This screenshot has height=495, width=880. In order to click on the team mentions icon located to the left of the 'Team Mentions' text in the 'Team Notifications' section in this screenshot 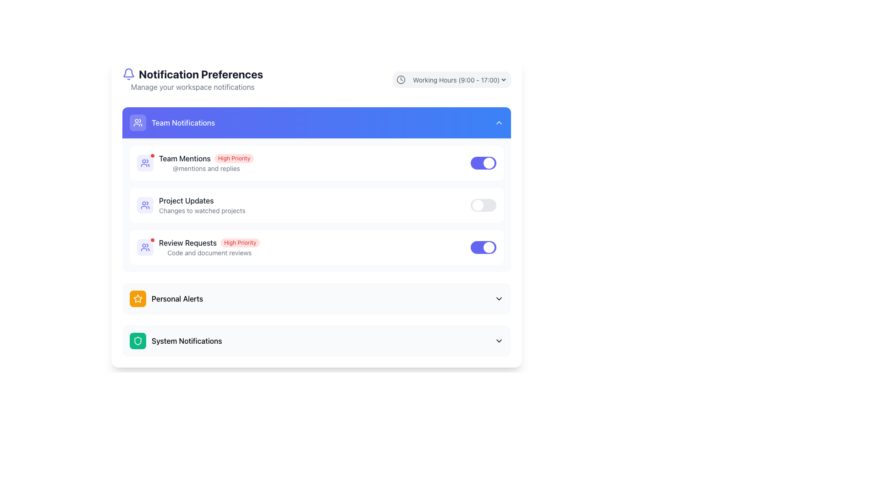, I will do `click(144, 162)`.